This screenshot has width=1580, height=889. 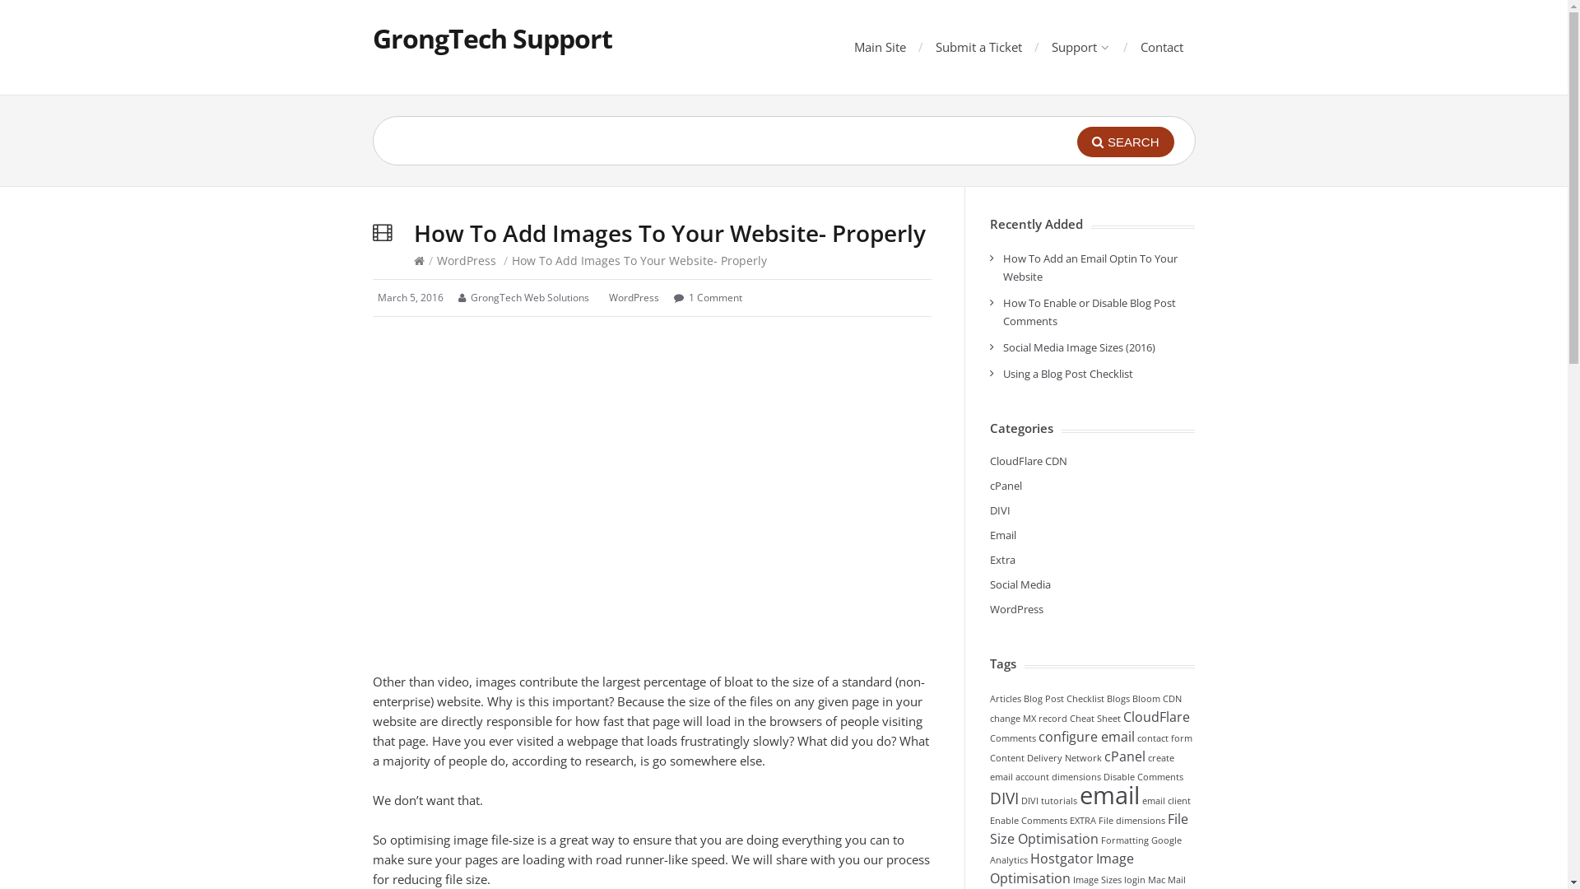 I want to click on 'File dimensions', so click(x=1130, y=820).